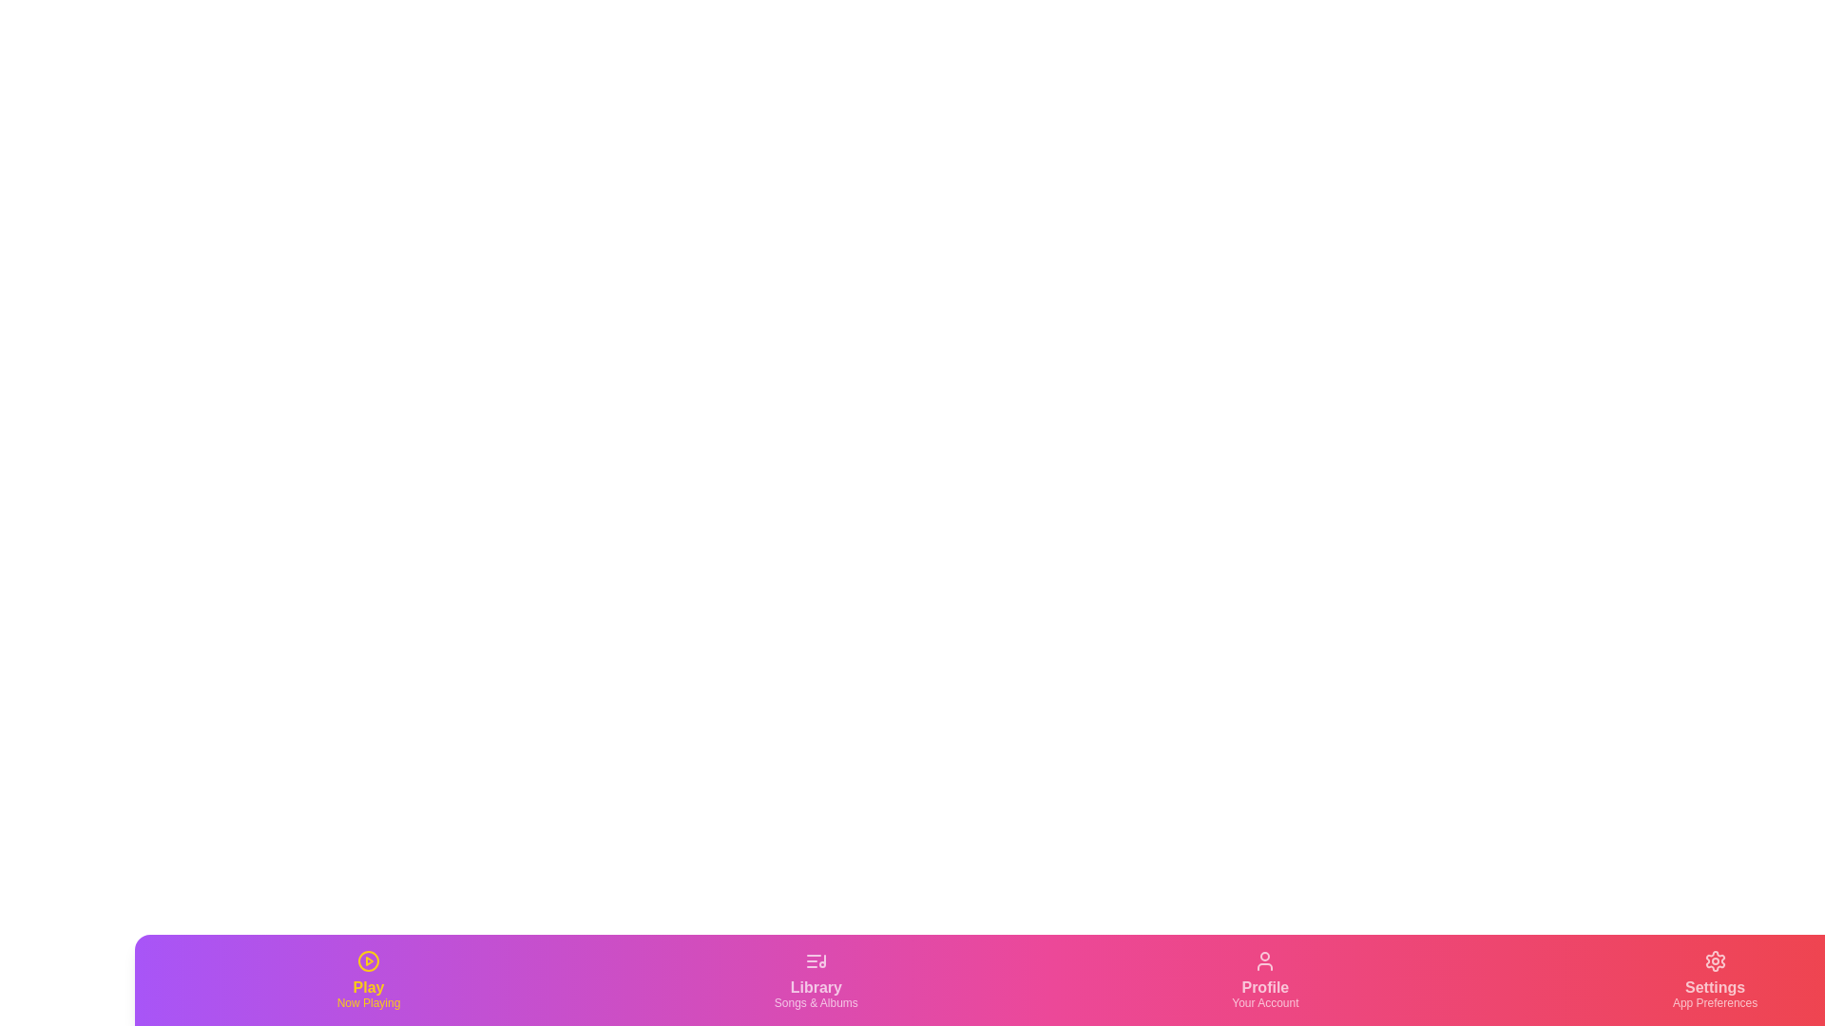 This screenshot has height=1026, width=1825. What do you see at coordinates (816, 980) in the screenshot?
I see `the Library tab` at bounding box center [816, 980].